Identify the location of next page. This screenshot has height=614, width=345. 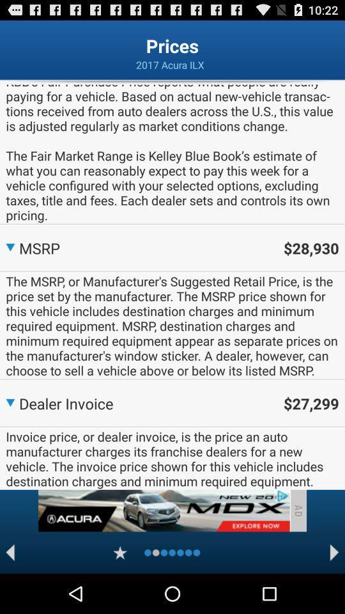
(334, 552).